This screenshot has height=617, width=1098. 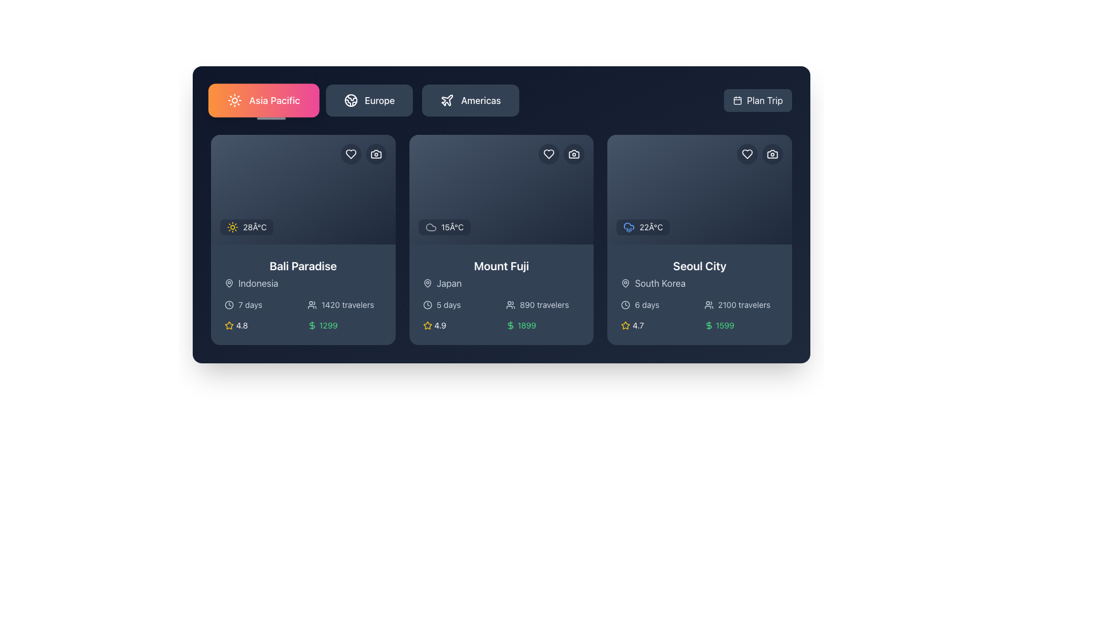 What do you see at coordinates (303, 239) in the screenshot?
I see `the first travel information card for Bali Paradise located under the 'Asia Pacific' tab in the three-column layout` at bounding box center [303, 239].